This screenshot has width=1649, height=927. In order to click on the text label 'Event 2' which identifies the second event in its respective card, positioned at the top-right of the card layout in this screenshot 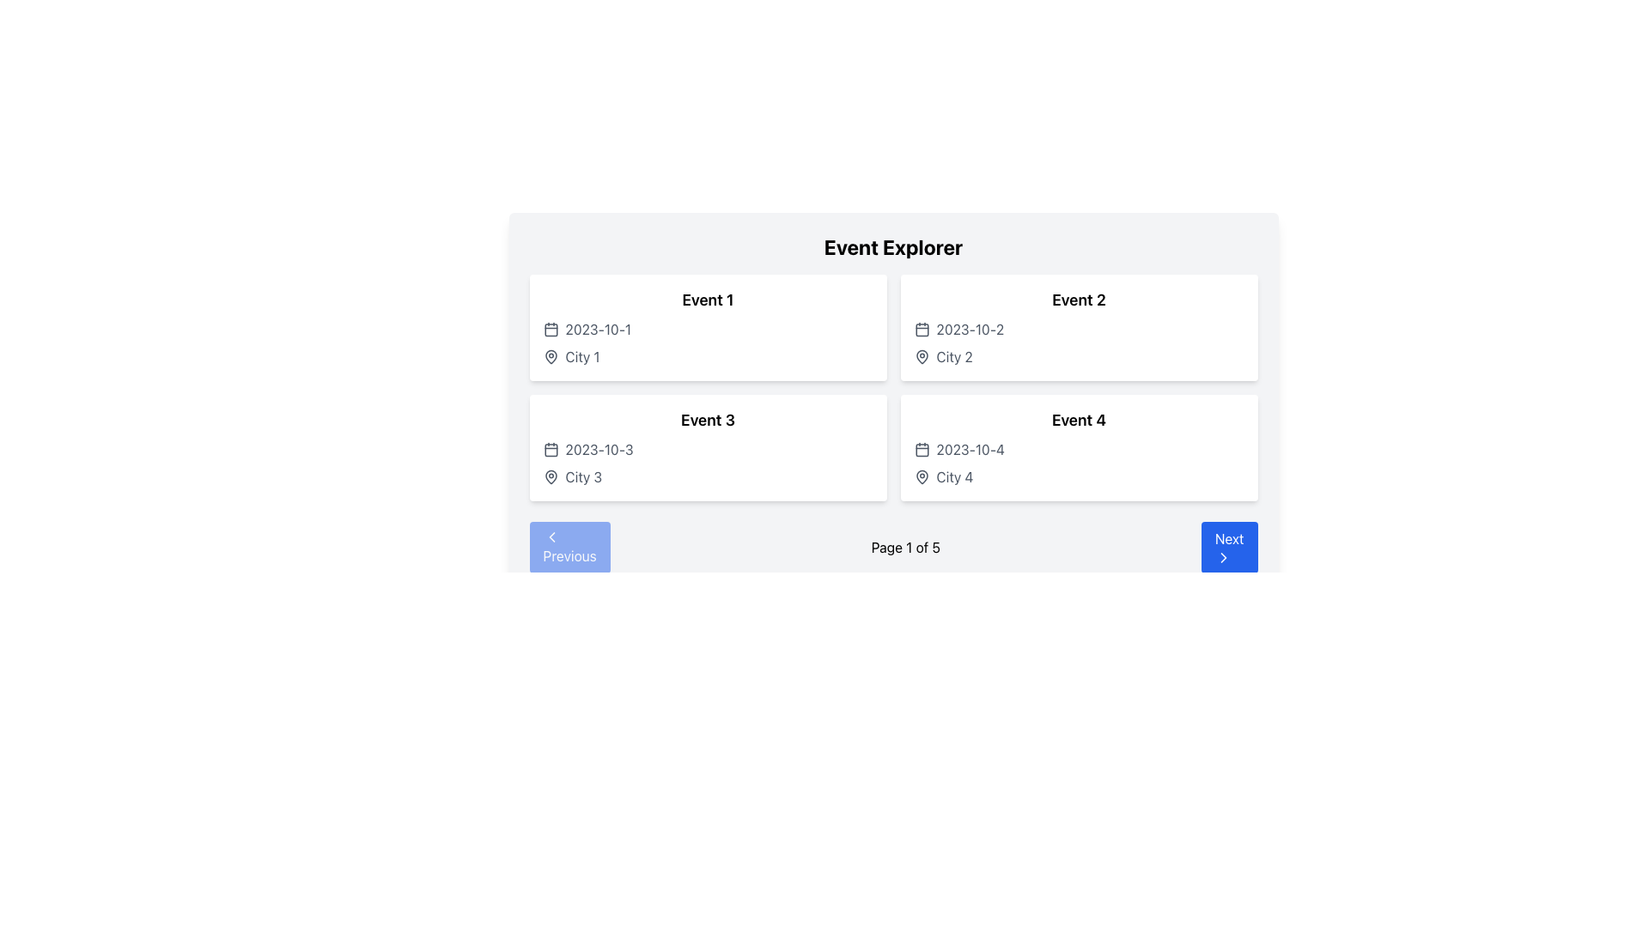, I will do `click(1078, 300)`.